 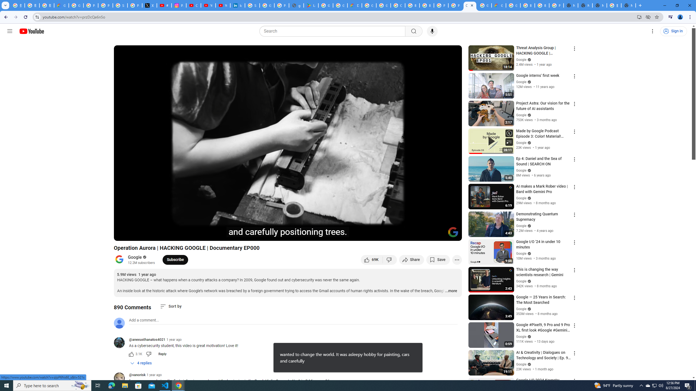 I want to click on 'Default profile photo', so click(x=119, y=323).